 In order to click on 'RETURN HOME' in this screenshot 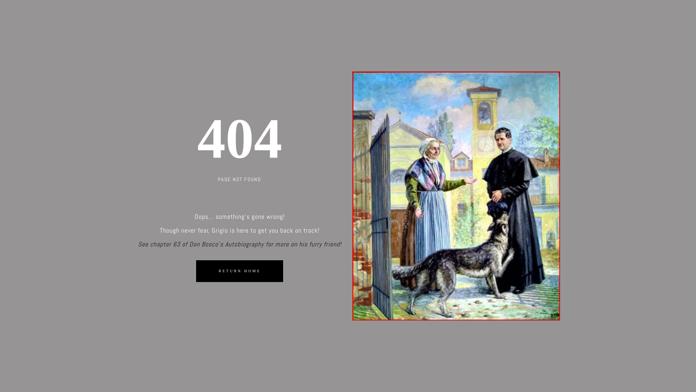, I will do `click(240, 270)`.